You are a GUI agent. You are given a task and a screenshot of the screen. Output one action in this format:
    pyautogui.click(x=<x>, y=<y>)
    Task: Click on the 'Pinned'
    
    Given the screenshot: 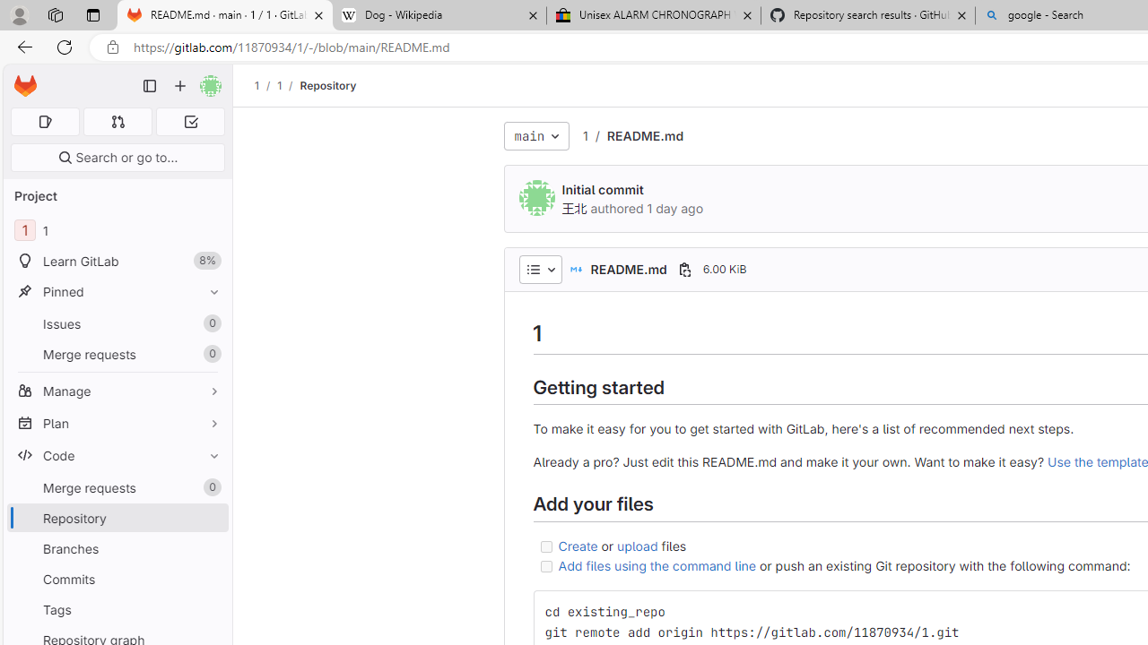 What is the action you would take?
    pyautogui.click(x=117, y=290)
    